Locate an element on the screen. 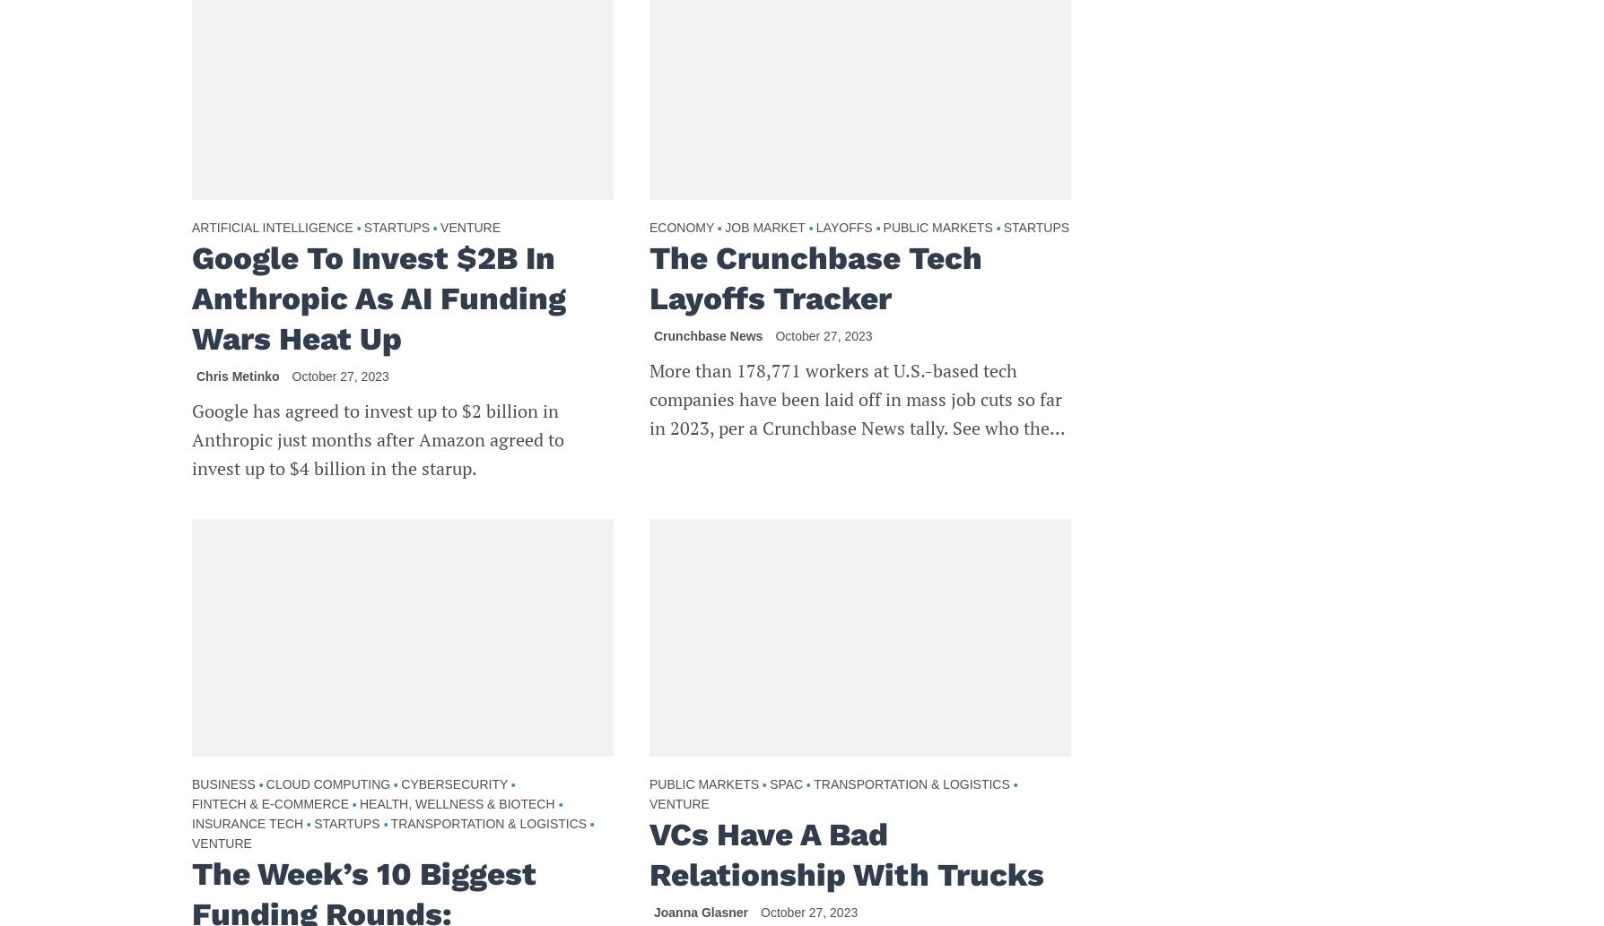 The height and width of the screenshot is (926, 1604). 'Chris Metinko' is located at coordinates (236, 376).